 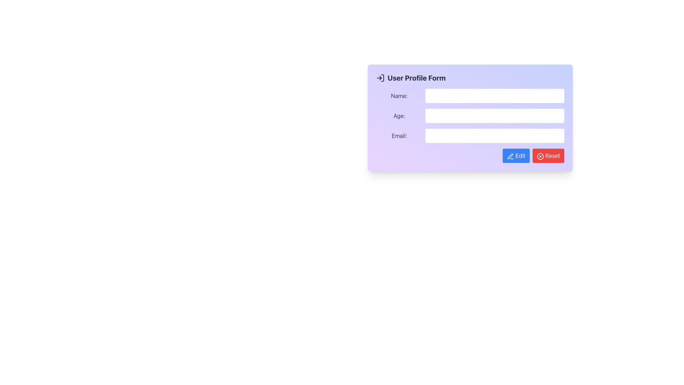 What do you see at coordinates (399, 136) in the screenshot?
I see `label text 'Email:' which is styled in gray and positioned left of the email input field in the profile form` at bounding box center [399, 136].